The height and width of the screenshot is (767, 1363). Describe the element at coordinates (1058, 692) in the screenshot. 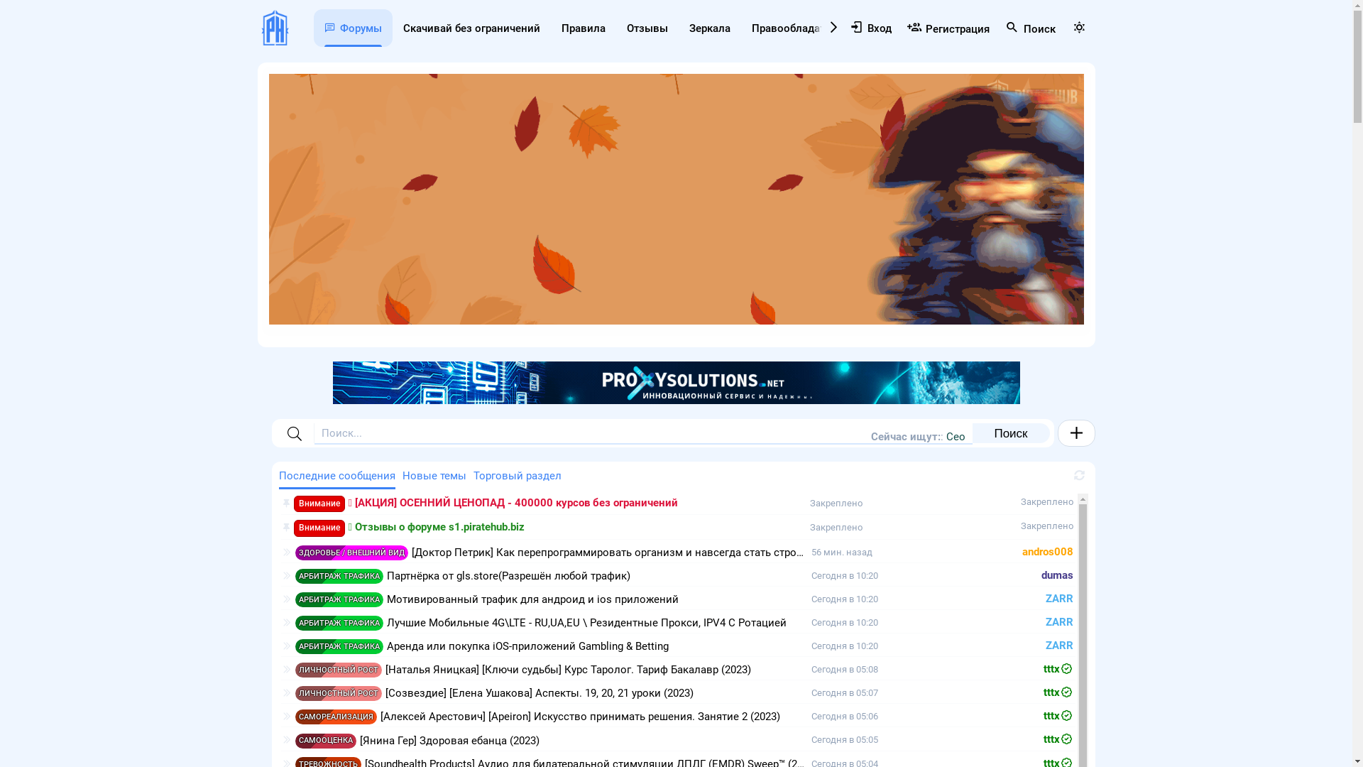

I see `'tttx'` at that location.